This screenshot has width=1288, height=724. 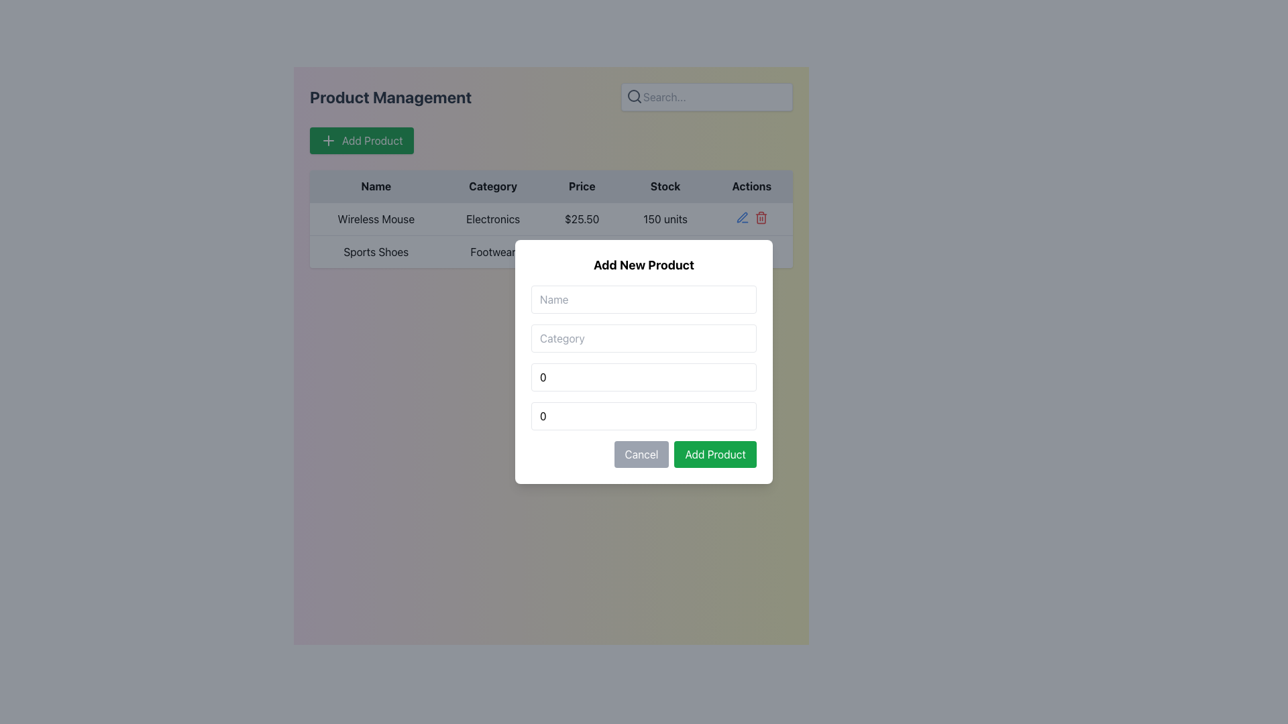 I want to click on the 'Category' text label that displays 'Electronics' for the 'Wireless Mouse' product, located between the product name and price, so click(x=492, y=219).